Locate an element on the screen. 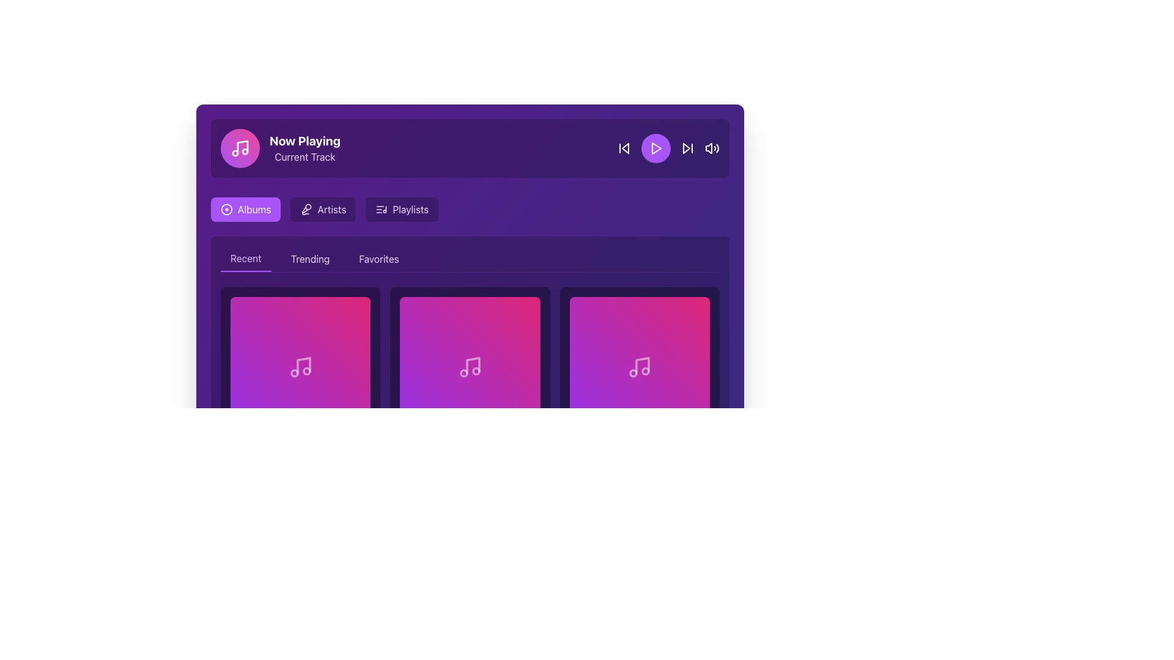  the 'Albums' text label, which is integrated within a button-like component is located at coordinates (254, 209).